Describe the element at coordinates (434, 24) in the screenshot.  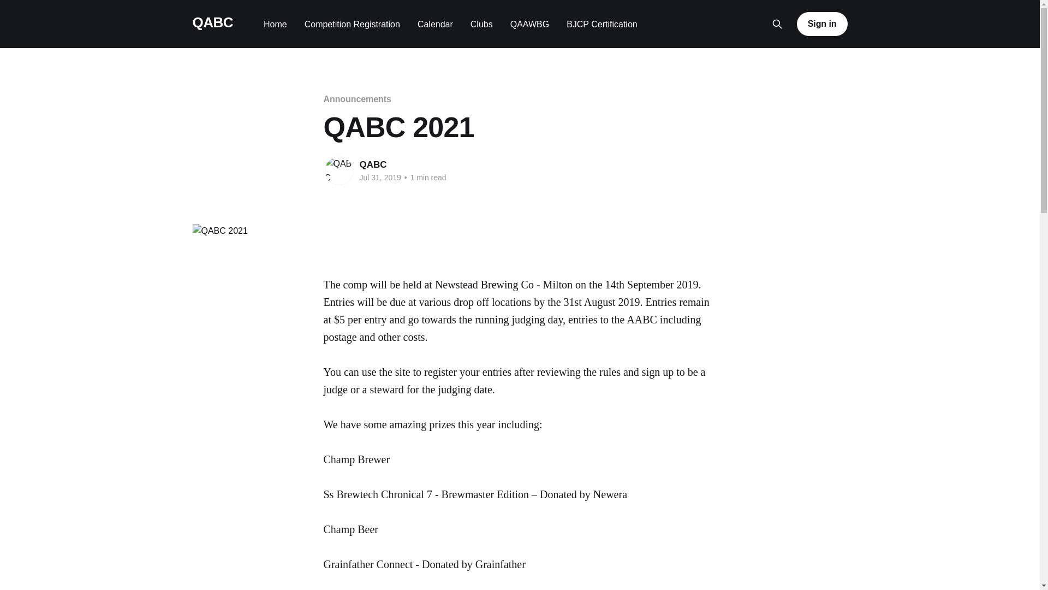
I see `'Calendar'` at that location.